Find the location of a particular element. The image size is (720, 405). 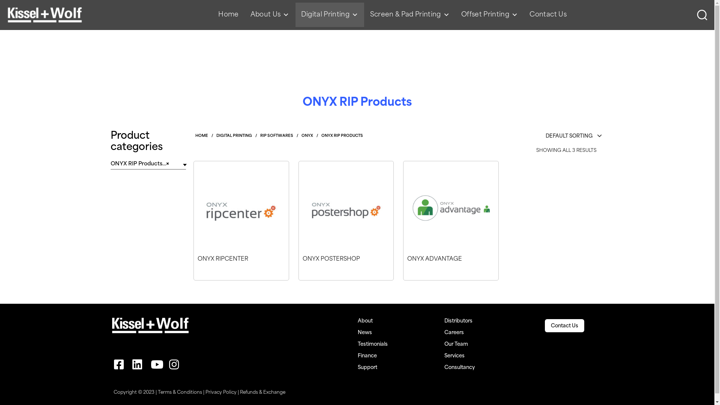

'News' is located at coordinates (365, 332).